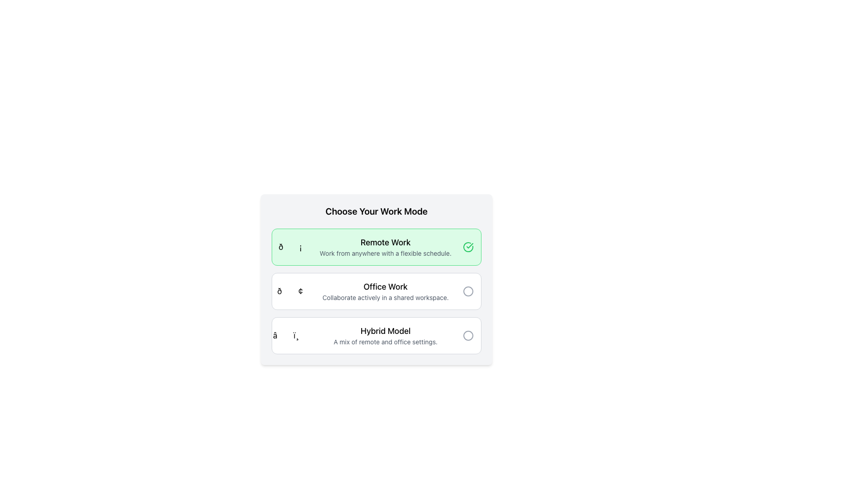 Image resolution: width=868 pixels, height=488 pixels. Describe the element at coordinates (377, 336) in the screenshot. I see `details of the 'Hybrid Model' Selectable Option Card, which is the third card in a vertical stack of options` at that location.